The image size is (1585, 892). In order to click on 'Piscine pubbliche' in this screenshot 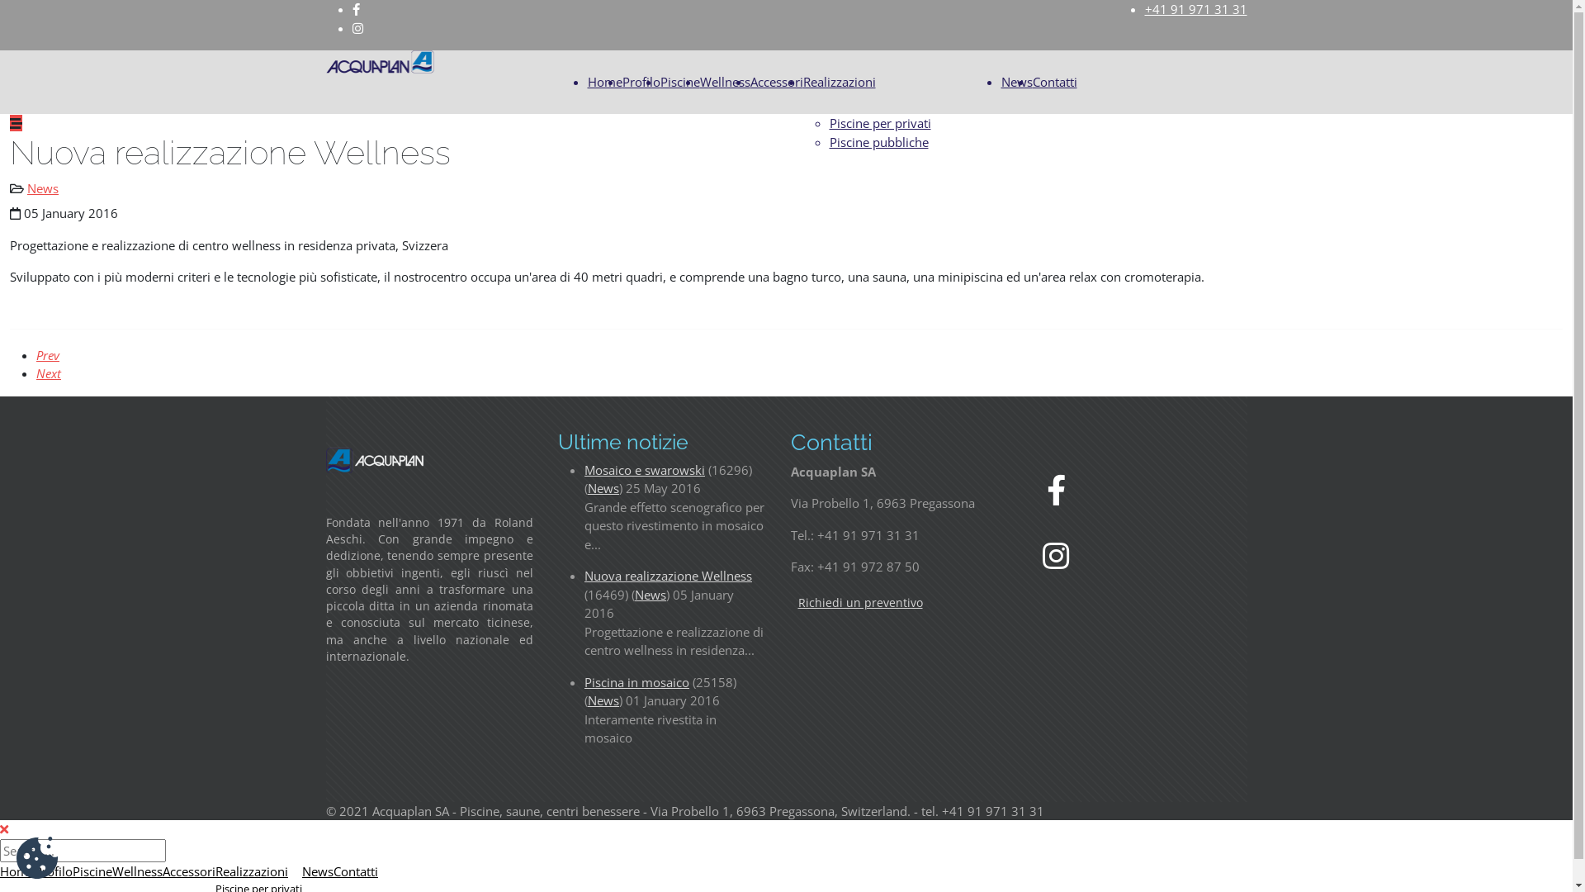, I will do `click(828, 141)`.